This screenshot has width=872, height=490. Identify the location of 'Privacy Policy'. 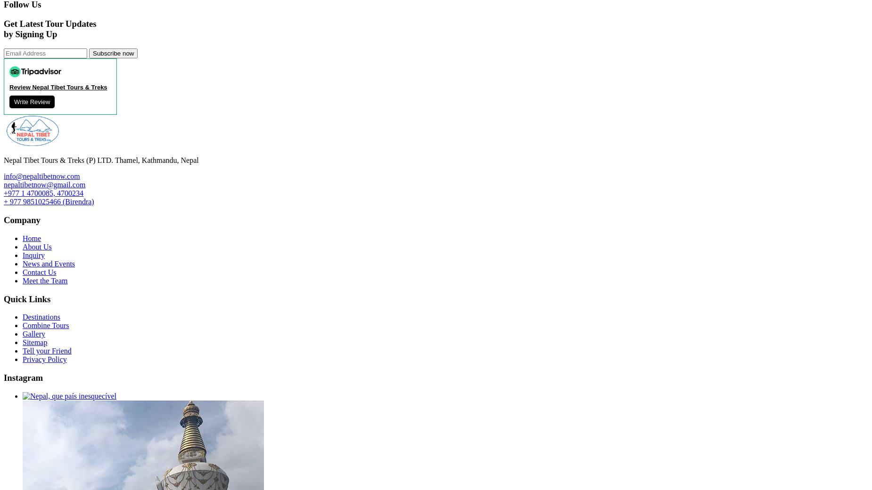
(44, 359).